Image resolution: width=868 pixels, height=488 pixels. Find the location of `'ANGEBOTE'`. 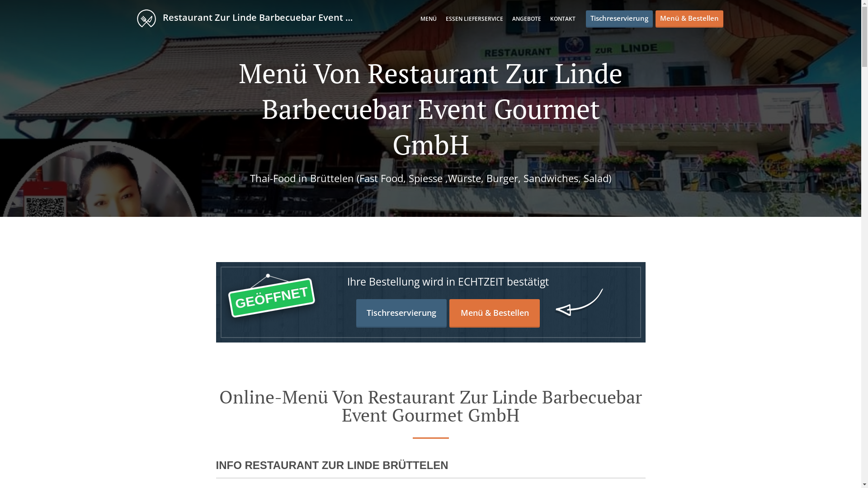

'ANGEBOTE' is located at coordinates (512, 19).